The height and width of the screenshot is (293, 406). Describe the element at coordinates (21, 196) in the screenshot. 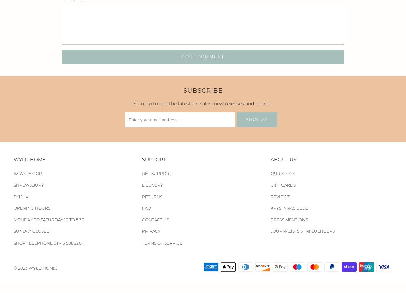

I see `'SY1 1UX'` at that location.